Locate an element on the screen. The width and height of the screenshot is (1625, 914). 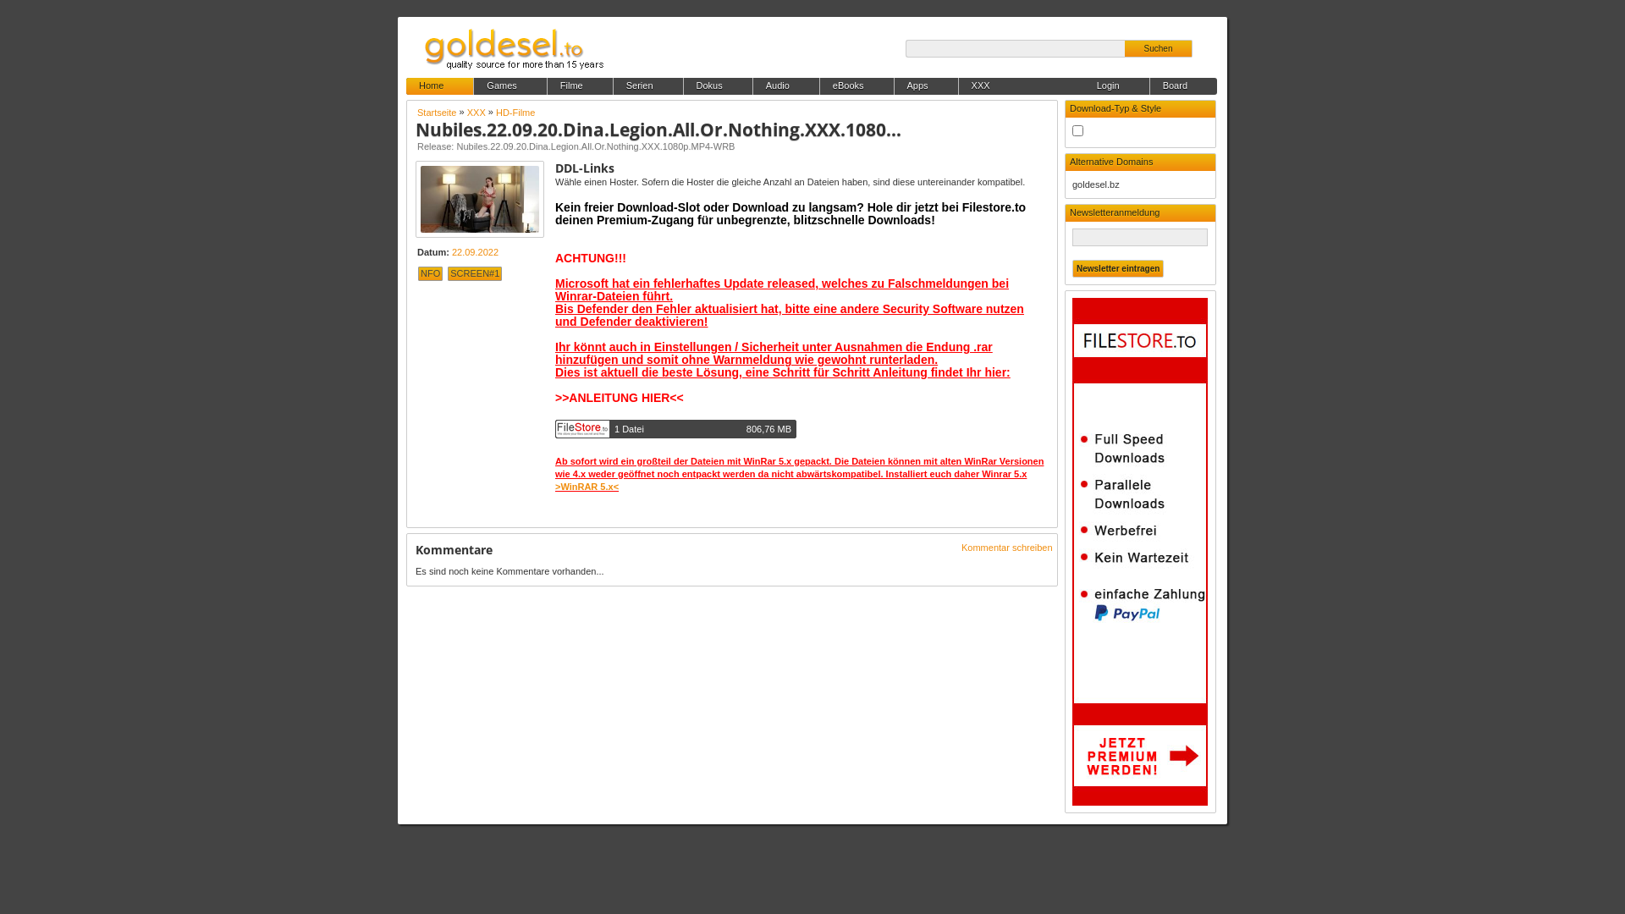
'Startseite' is located at coordinates (436, 112).